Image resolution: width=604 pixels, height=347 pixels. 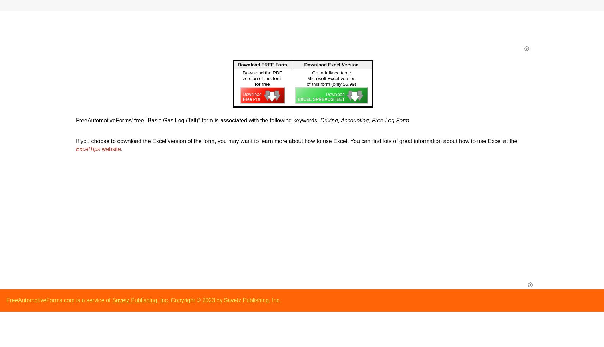 What do you see at coordinates (256, 99) in the screenshot?
I see `'PDF'` at bounding box center [256, 99].